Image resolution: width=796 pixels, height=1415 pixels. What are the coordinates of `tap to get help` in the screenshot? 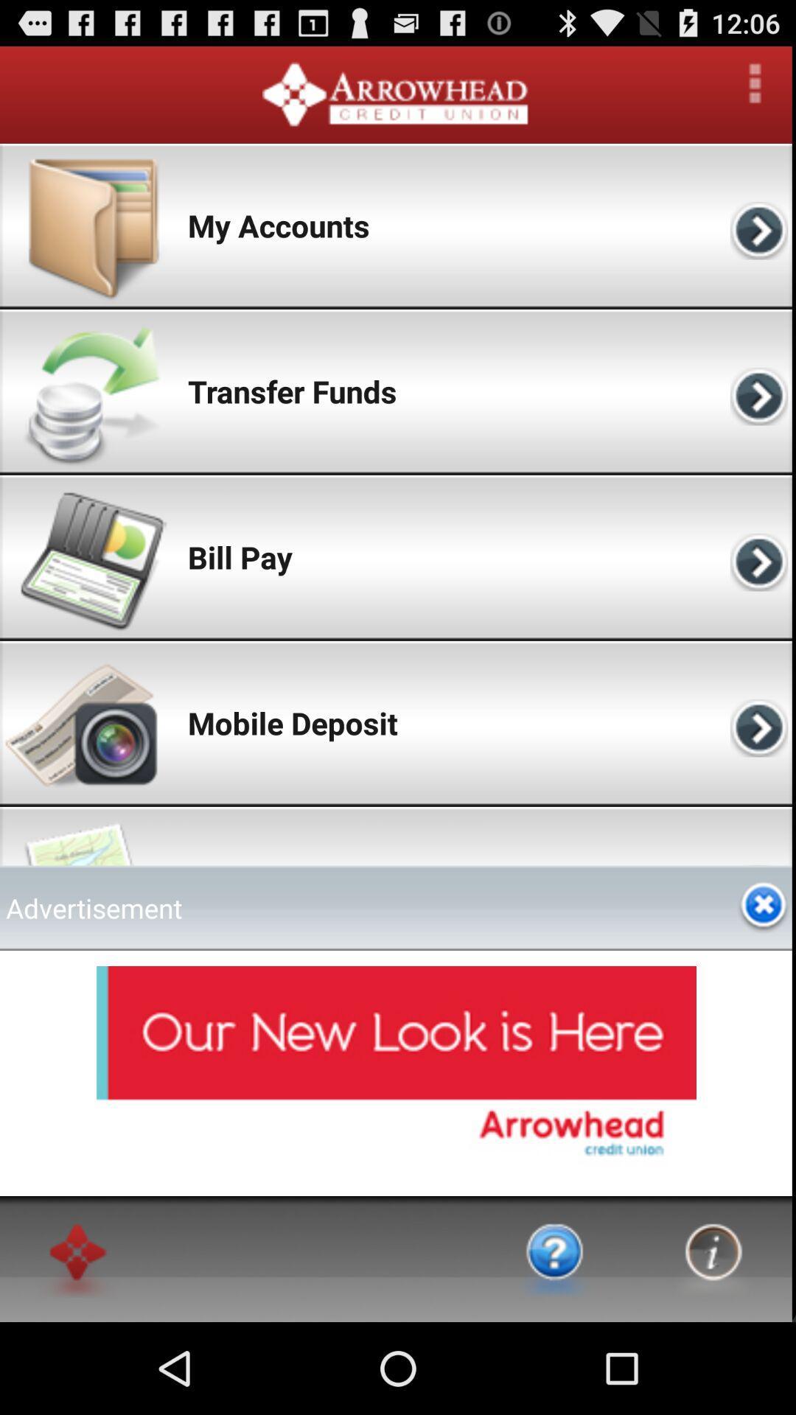 It's located at (555, 1258).